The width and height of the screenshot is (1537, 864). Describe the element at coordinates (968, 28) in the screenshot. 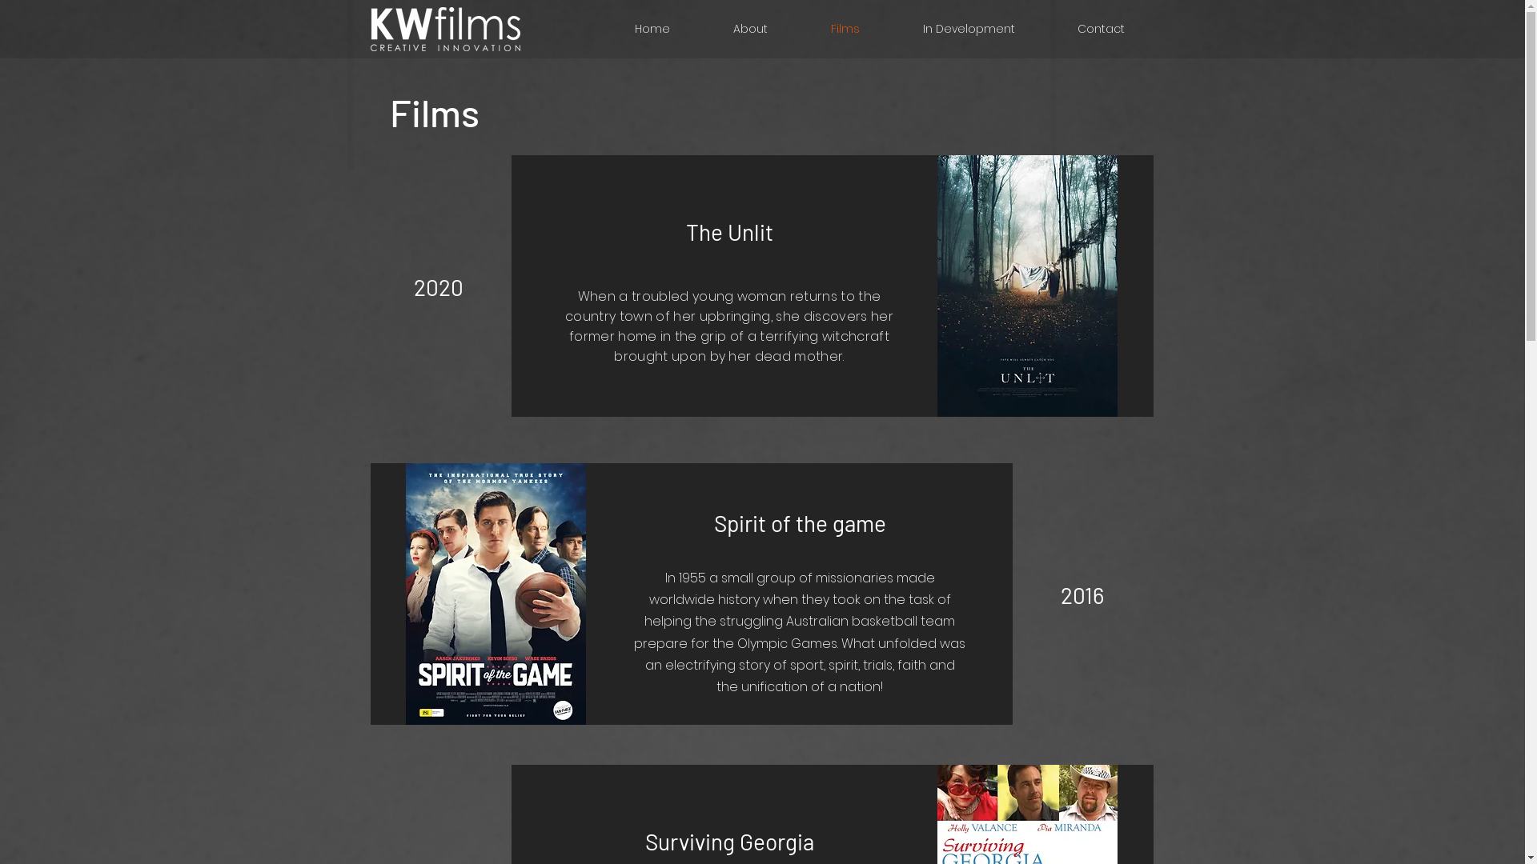

I see `'In Development'` at that location.